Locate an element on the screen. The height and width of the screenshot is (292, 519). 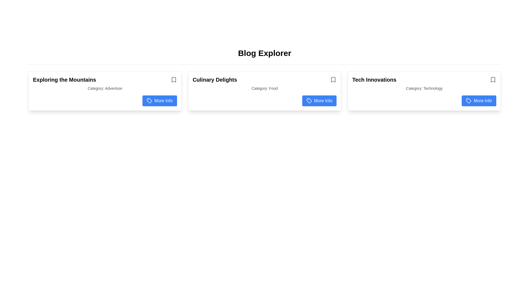
the 'More Info' button located in the 'Tech Innovations' section to retrieve additional details is located at coordinates (479, 101).